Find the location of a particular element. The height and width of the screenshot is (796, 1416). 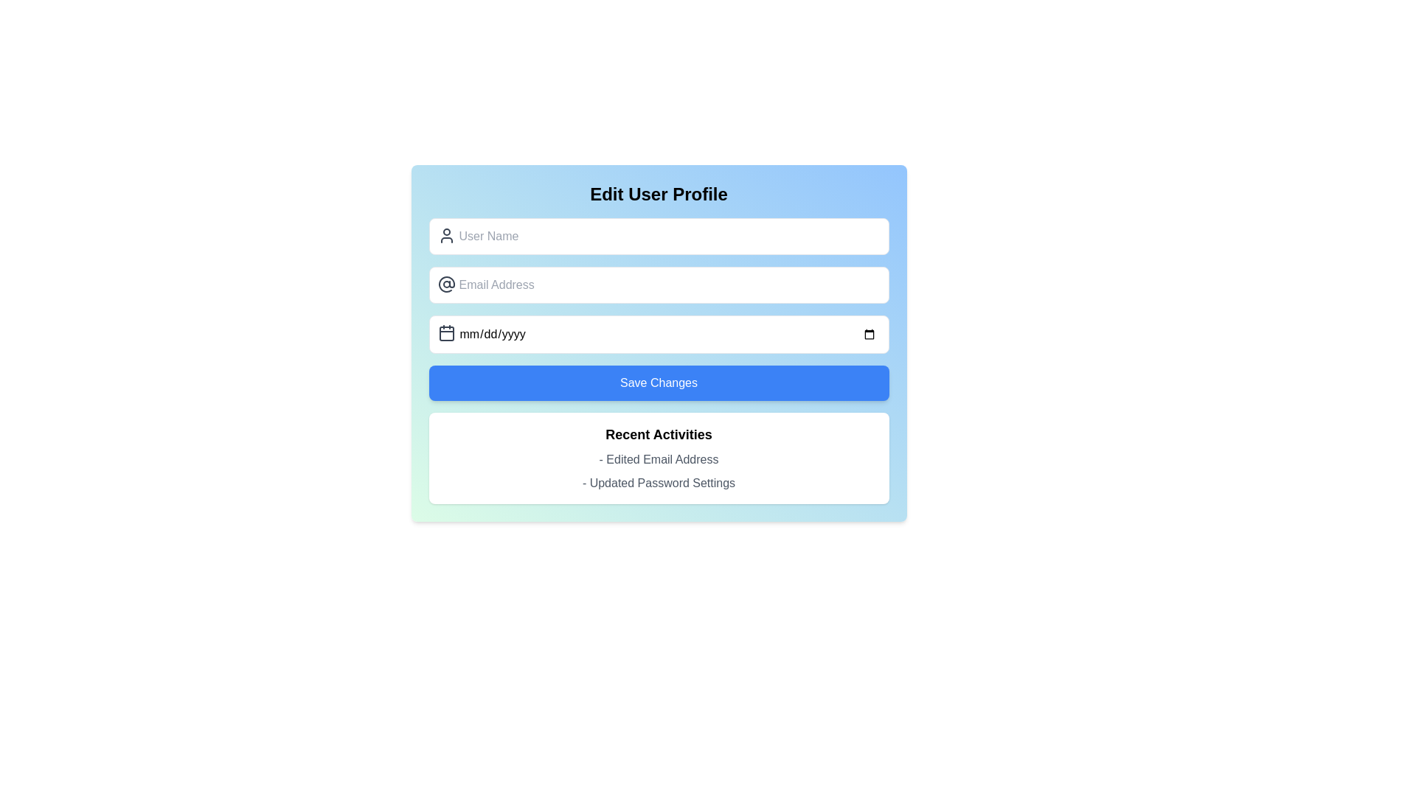

text label at the top of the user profile edit section, which indicates the purpose of the page is located at coordinates (658, 193).